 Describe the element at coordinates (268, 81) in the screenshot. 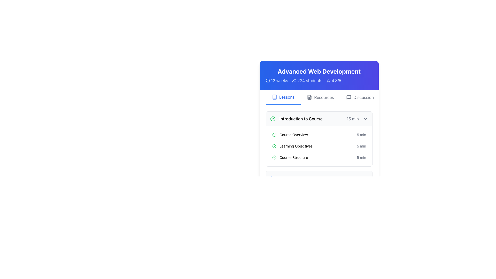

I see `the clock icon located in the header area of the 'Advanced Web Development' card, which is a minimalistic circular design representing time duration` at that location.